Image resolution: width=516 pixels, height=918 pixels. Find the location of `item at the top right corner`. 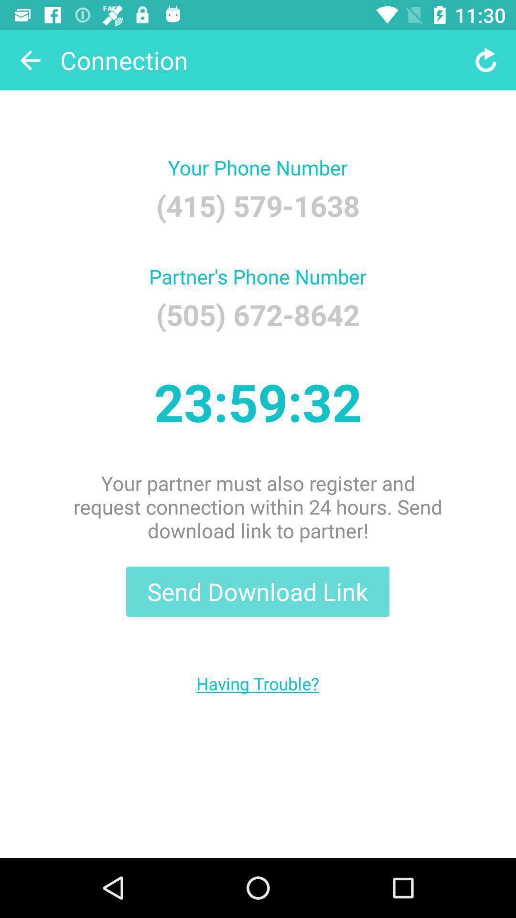

item at the top right corner is located at coordinates (486, 59).